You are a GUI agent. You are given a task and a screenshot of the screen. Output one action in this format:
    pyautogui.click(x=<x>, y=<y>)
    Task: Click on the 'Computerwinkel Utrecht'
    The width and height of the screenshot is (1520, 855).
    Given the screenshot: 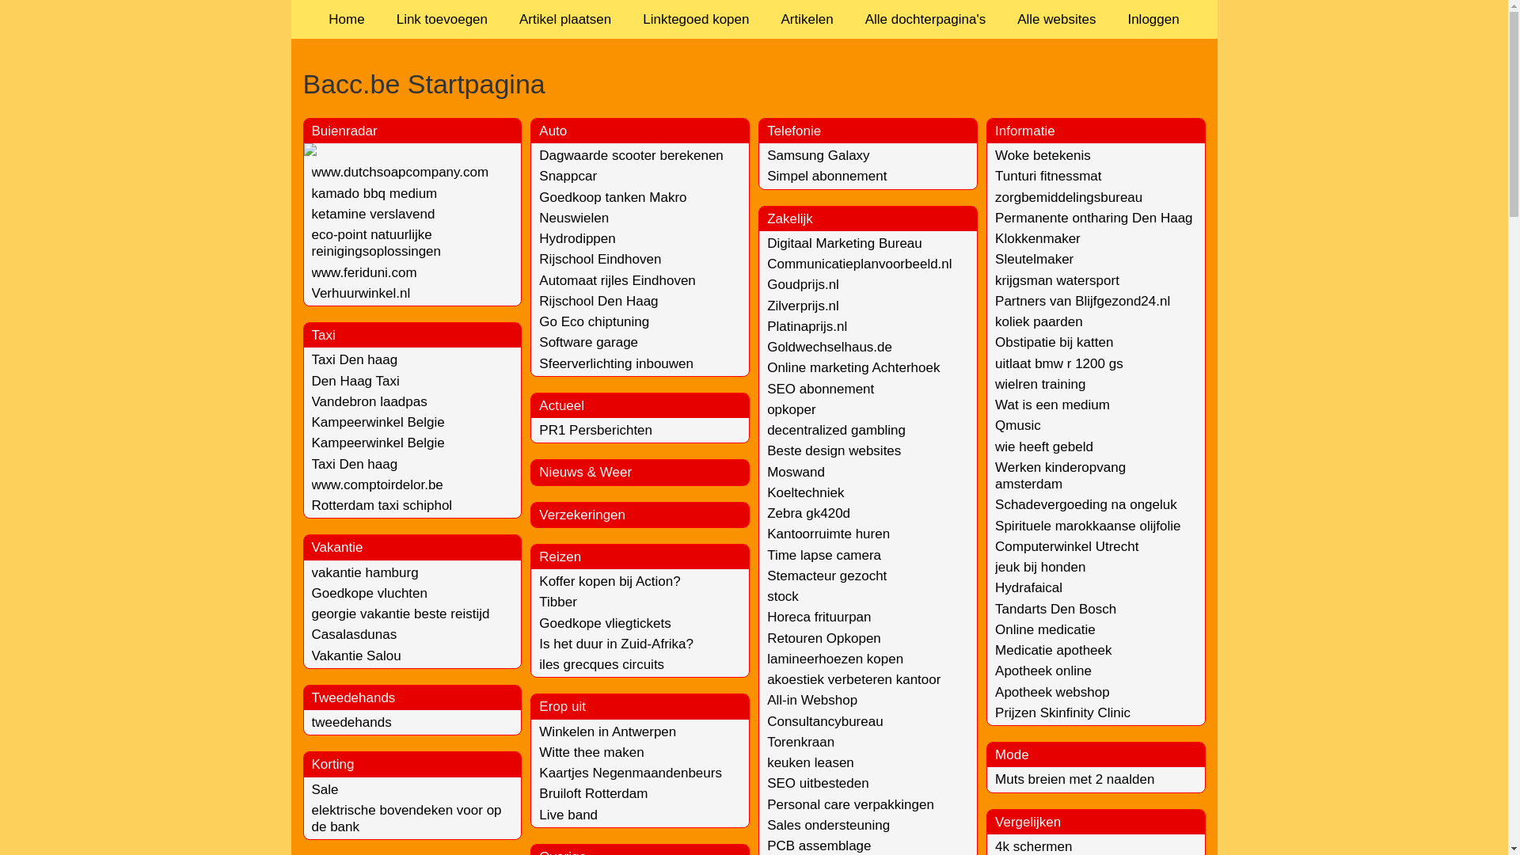 What is the action you would take?
    pyautogui.click(x=994, y=545)
    